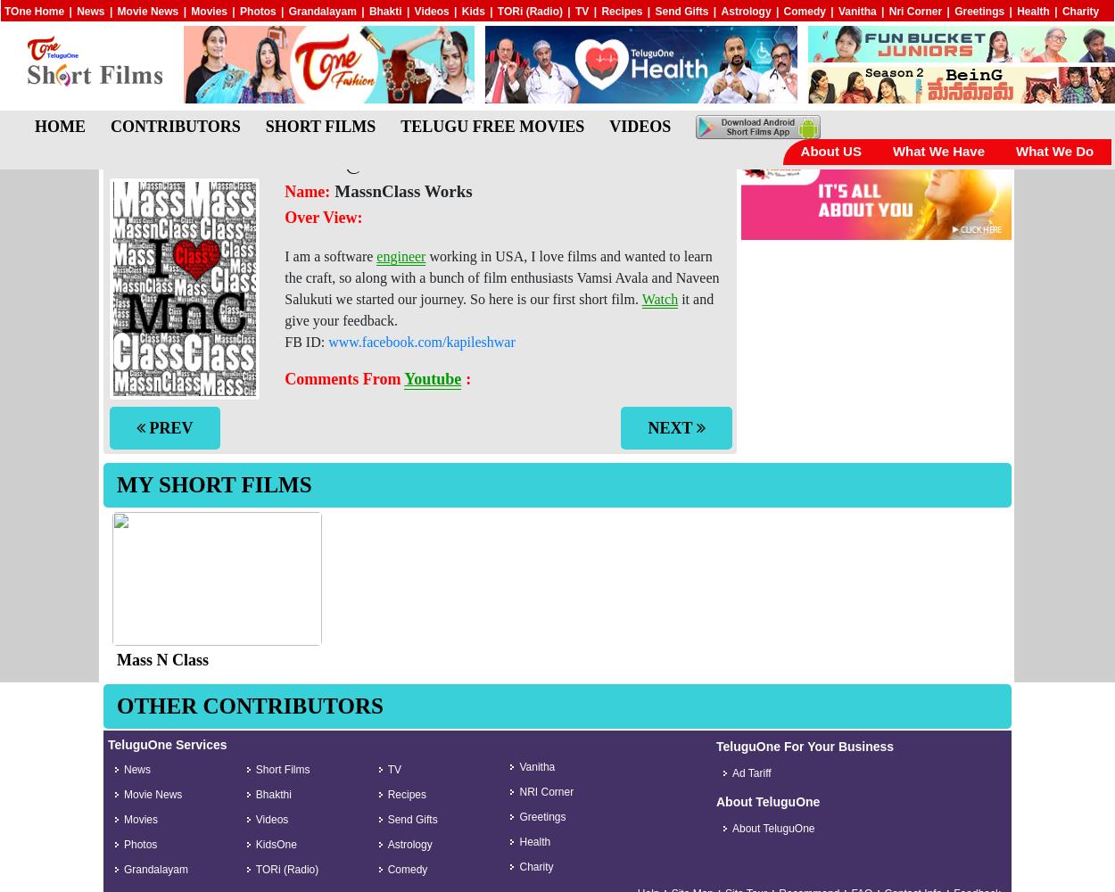 The width and height of the screenshot is (1115, 892). I want to click on 'My Short Films', so click(213, 484).